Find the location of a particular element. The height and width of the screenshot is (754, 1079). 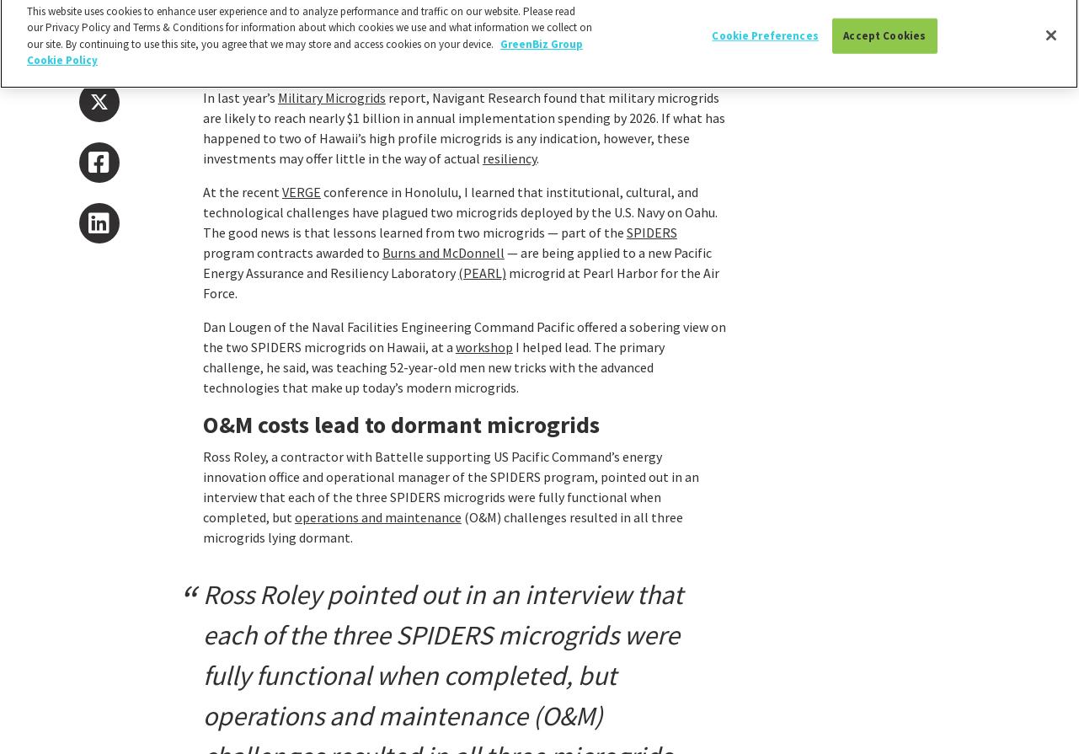

'workshop' is located at coordinates (483, 346).